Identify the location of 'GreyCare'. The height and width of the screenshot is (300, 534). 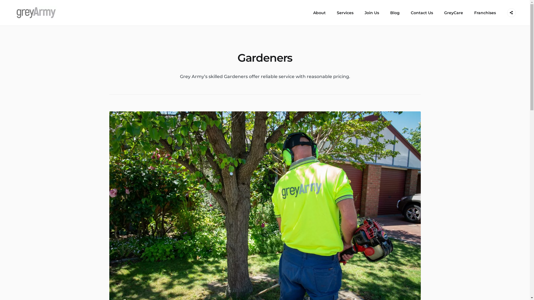
(438, 12).